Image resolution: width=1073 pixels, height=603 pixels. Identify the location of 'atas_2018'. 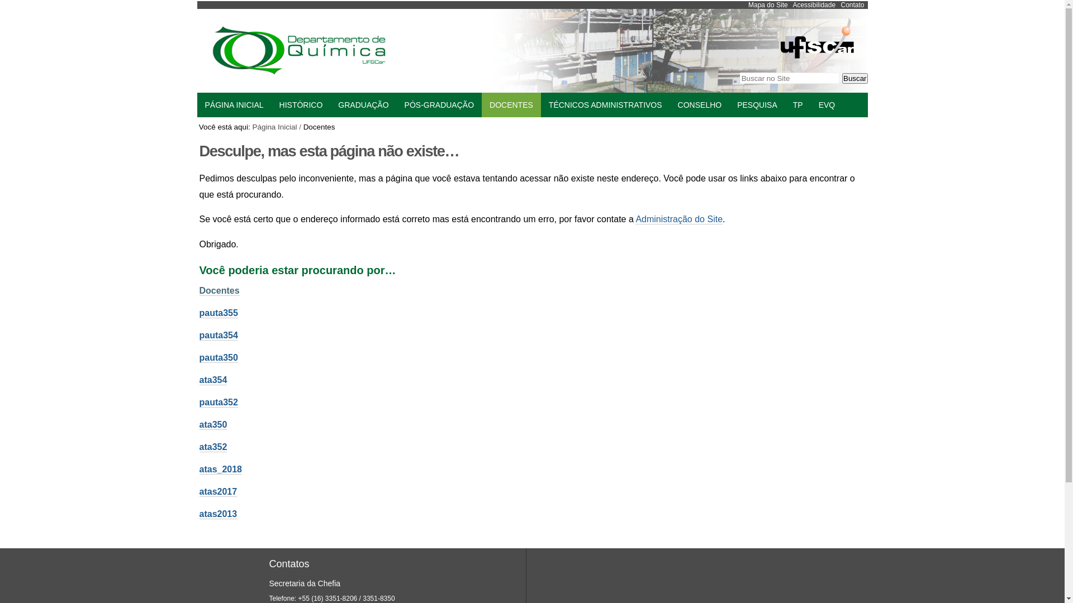
(220, 469).